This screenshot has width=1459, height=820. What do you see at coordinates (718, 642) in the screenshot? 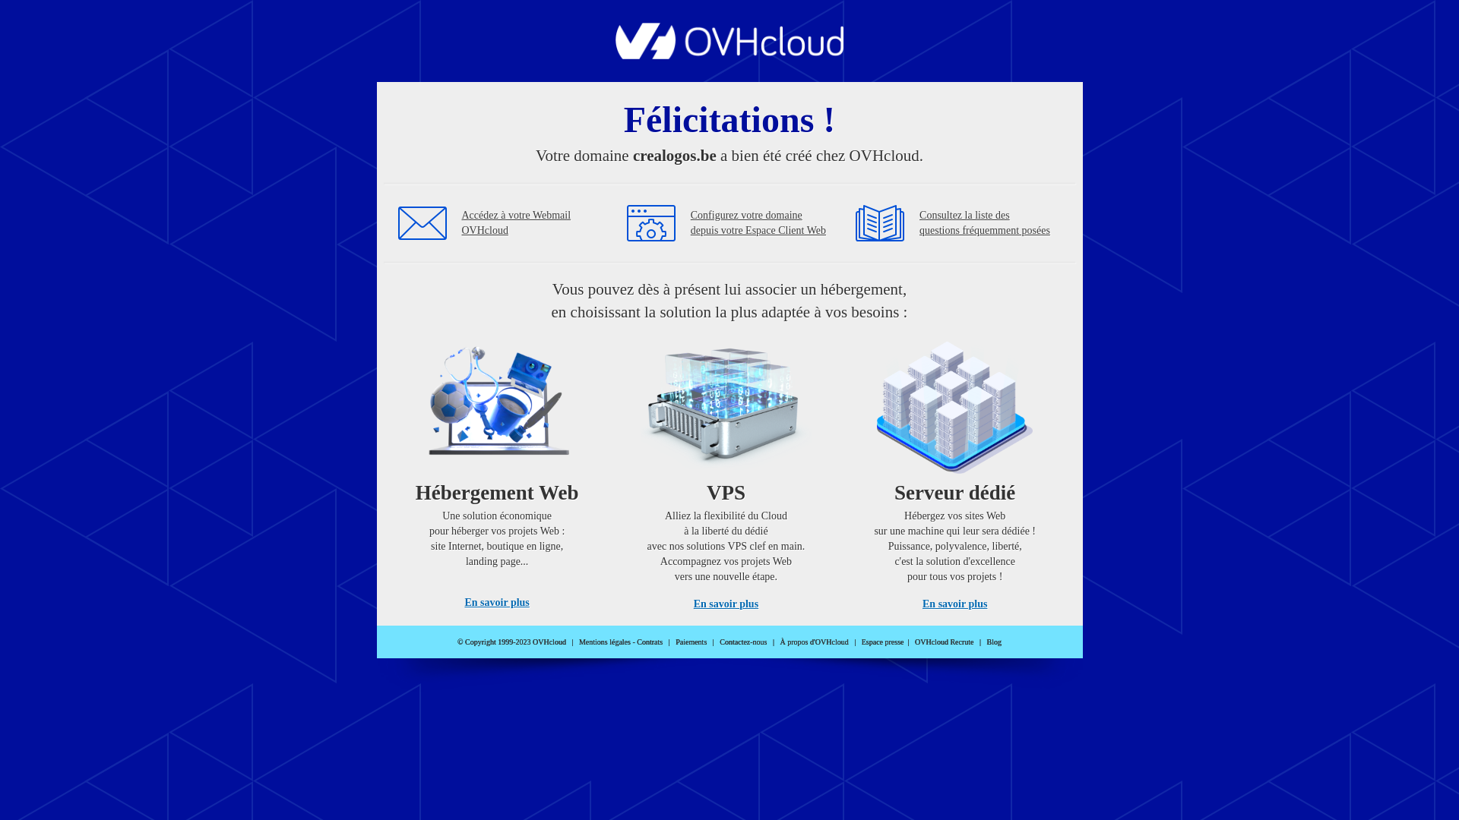
I see `'Contactez-nous'` at bounding box center [718, 642].